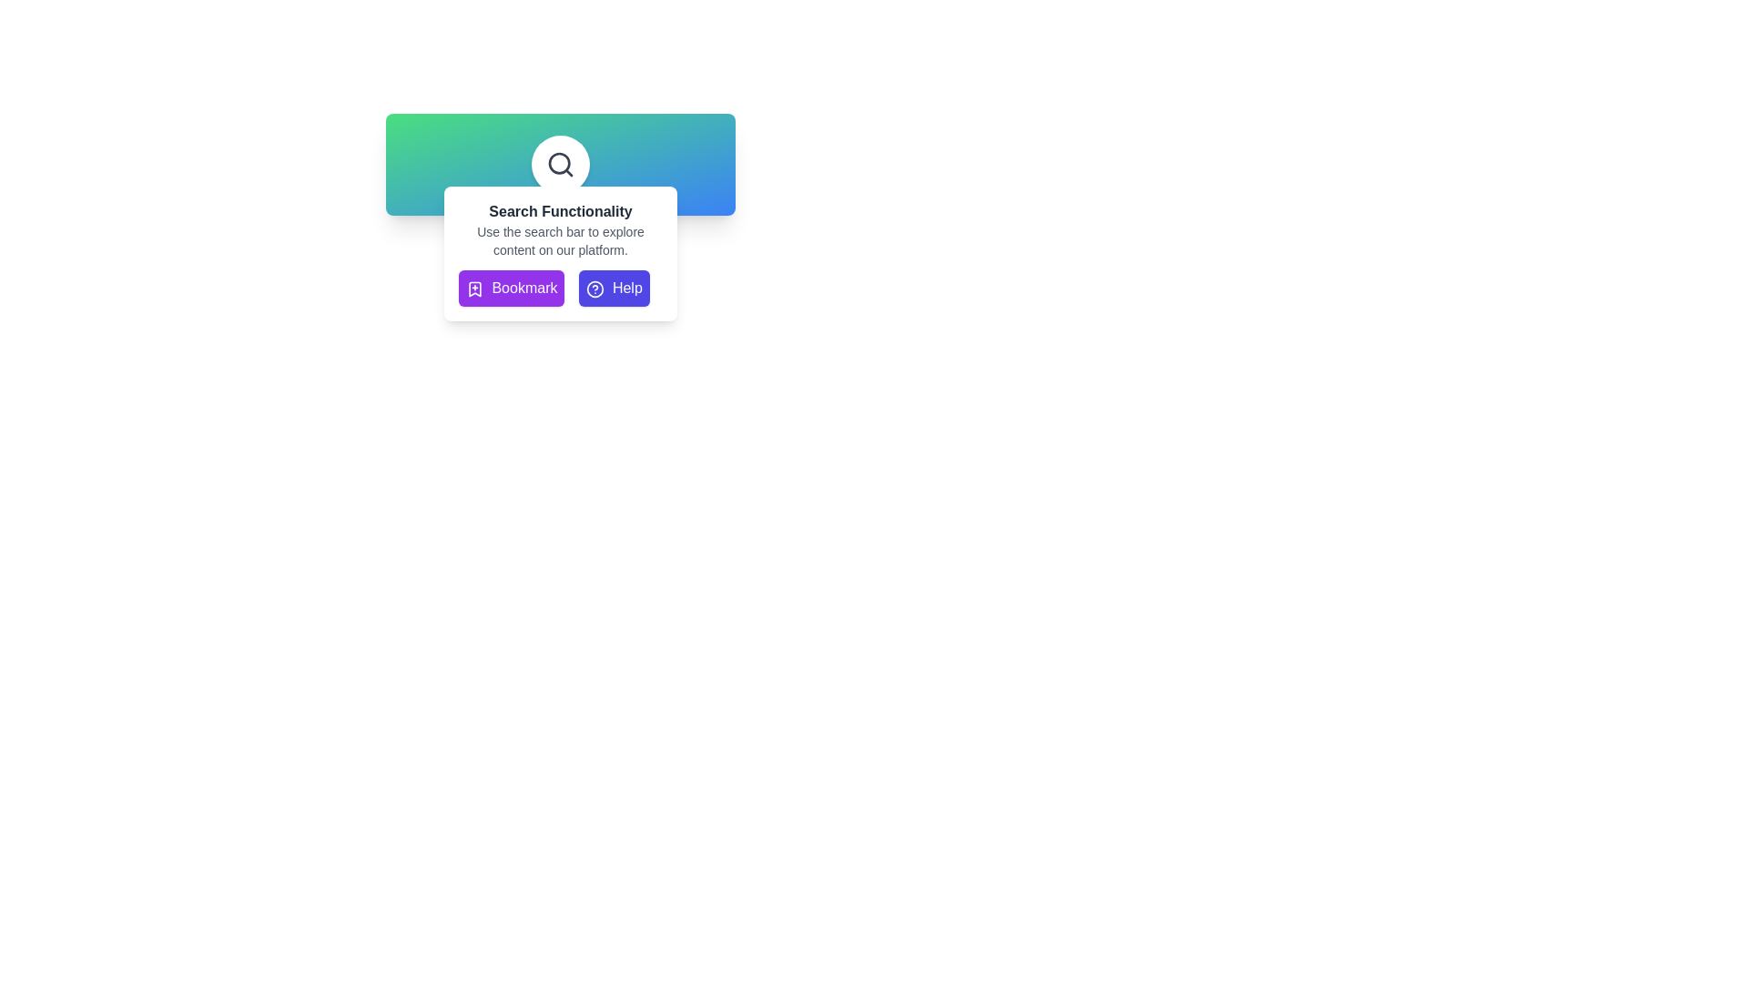  Describe the element at coordinates (615, 287) in the screenshot. I see `the 'Help' button, which has a blue background, white text, and a question mark icon` at that location.